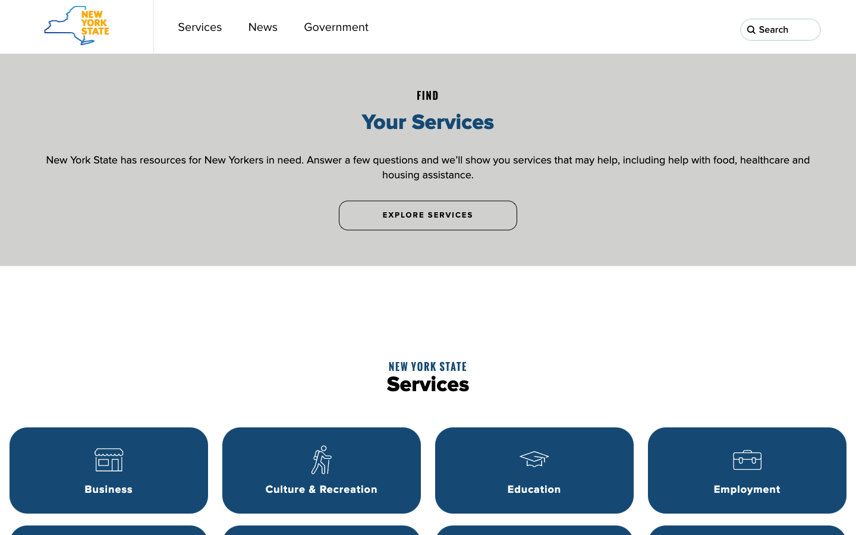 The width and height of the screenshot is (856, 535). I want to click on Use the button on the top menu to go to the government site, so click(336, 26).